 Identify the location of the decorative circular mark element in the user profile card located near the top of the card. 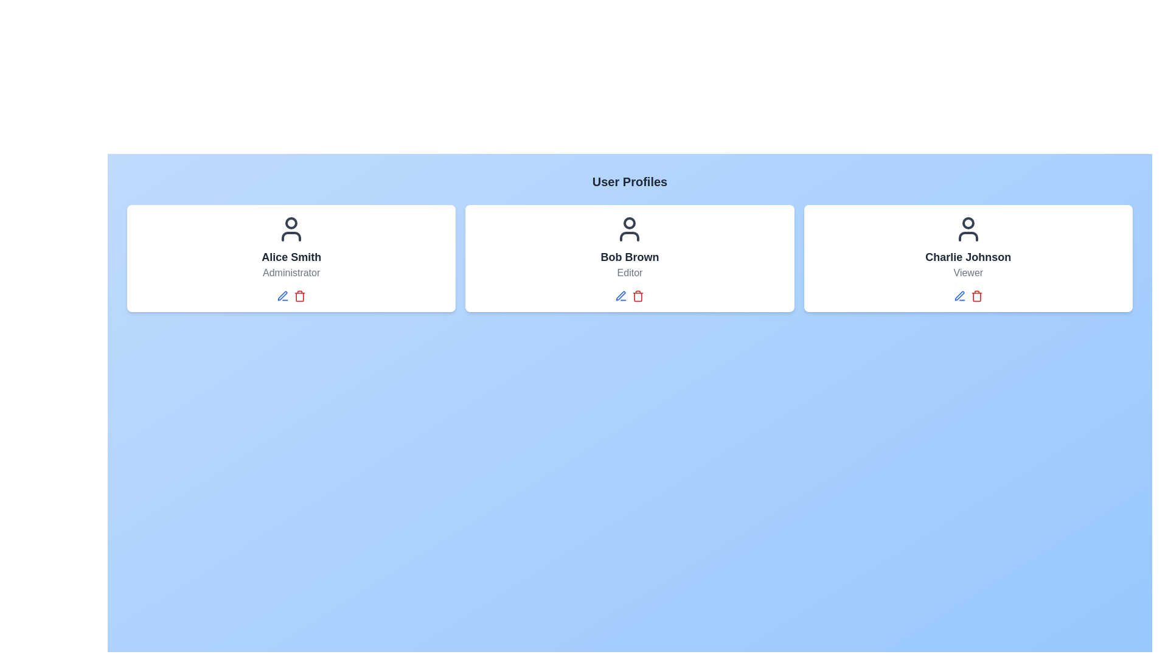
(291, 223).